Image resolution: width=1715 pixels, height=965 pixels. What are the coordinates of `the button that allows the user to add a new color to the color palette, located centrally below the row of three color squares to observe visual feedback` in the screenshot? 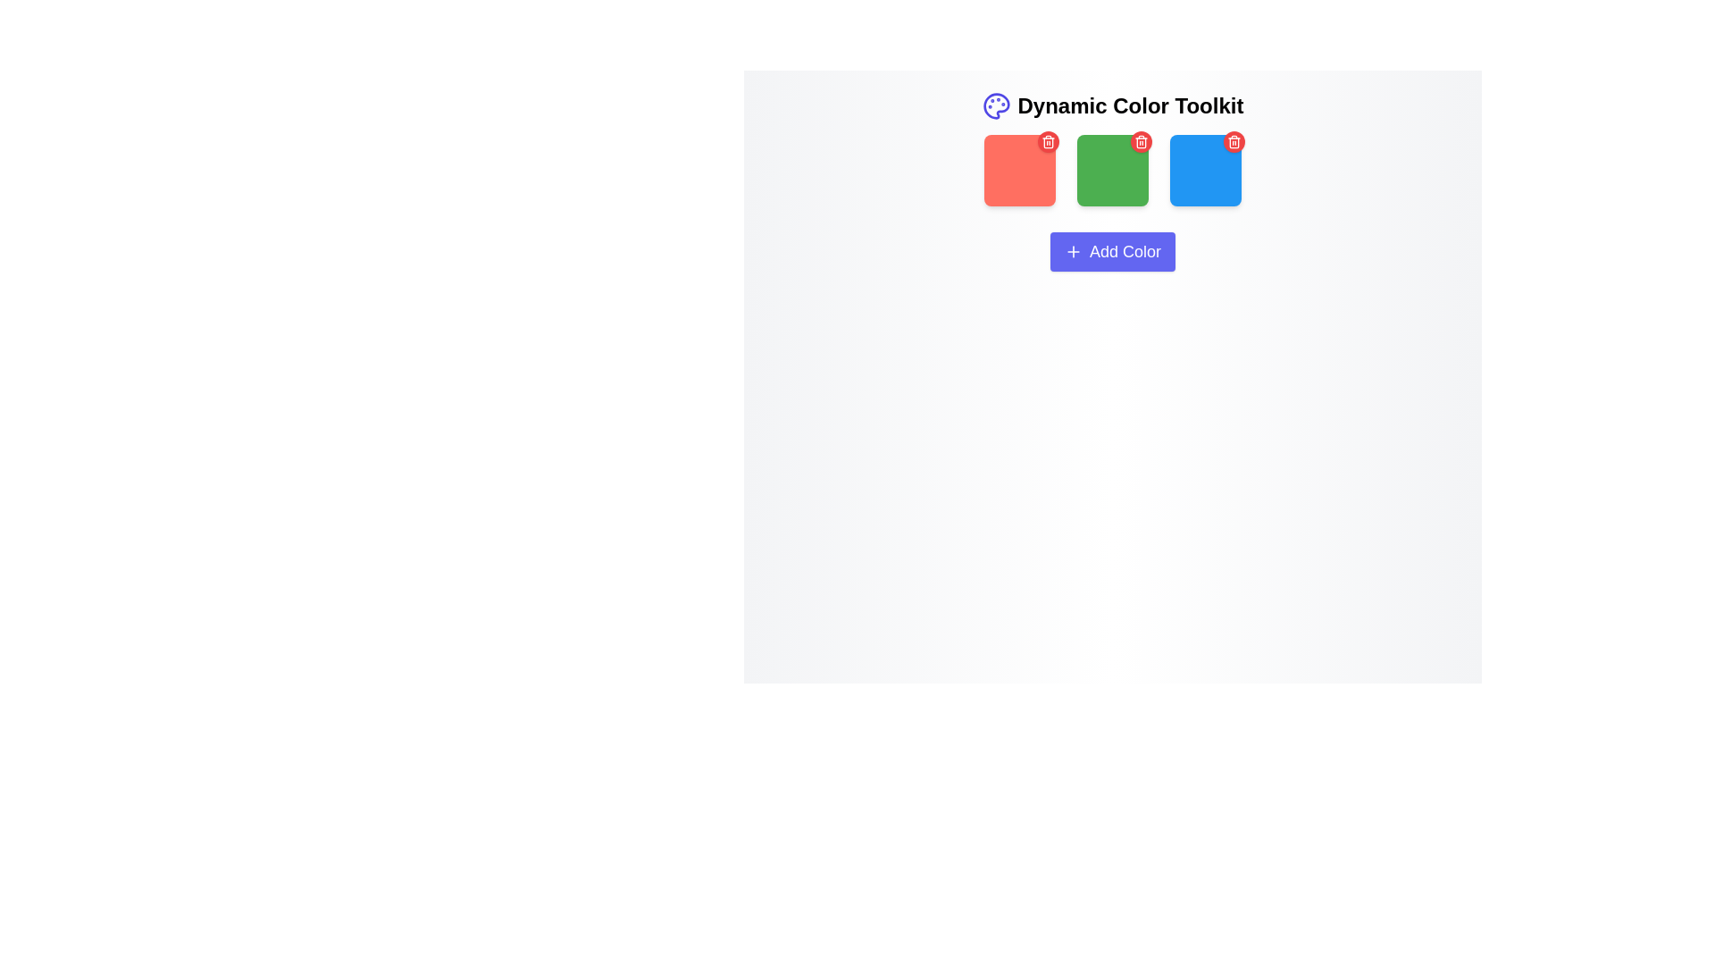 It's located at (1112, 251).